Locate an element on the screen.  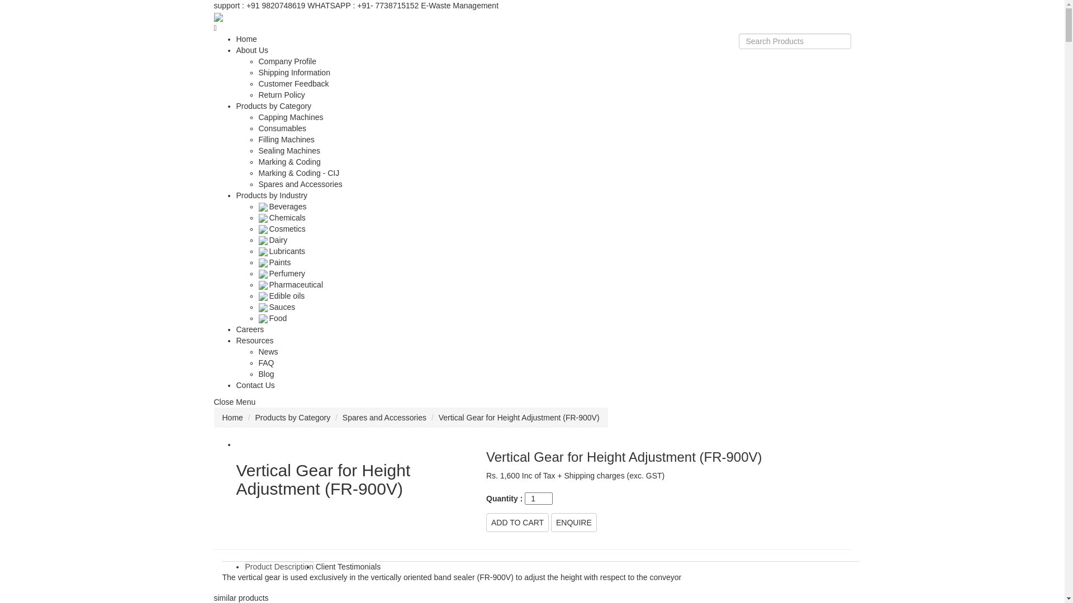
'Customer Feedback' is located at coordinates (293, 83).